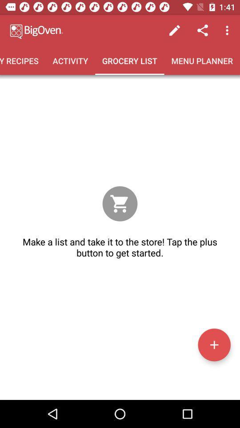 Image resolution: width=240 pixels, height=428 pixels. I want to click on the item above menu planner, so click(228, 30).